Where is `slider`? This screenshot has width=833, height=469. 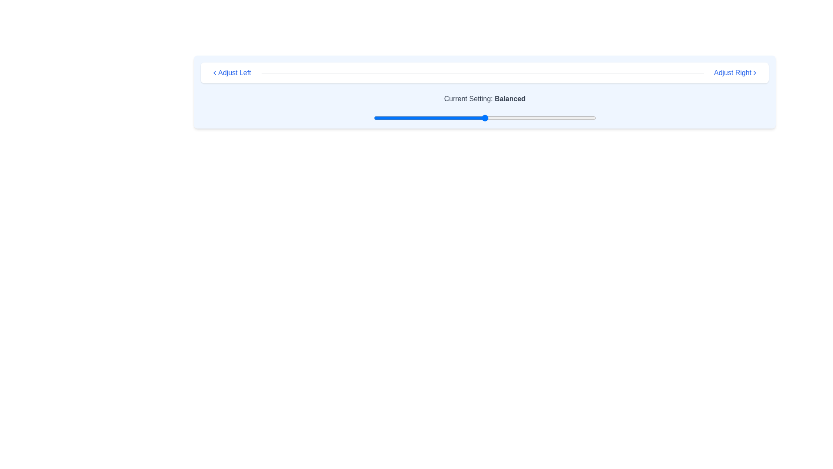 slider is located at coordinates (482, 118).